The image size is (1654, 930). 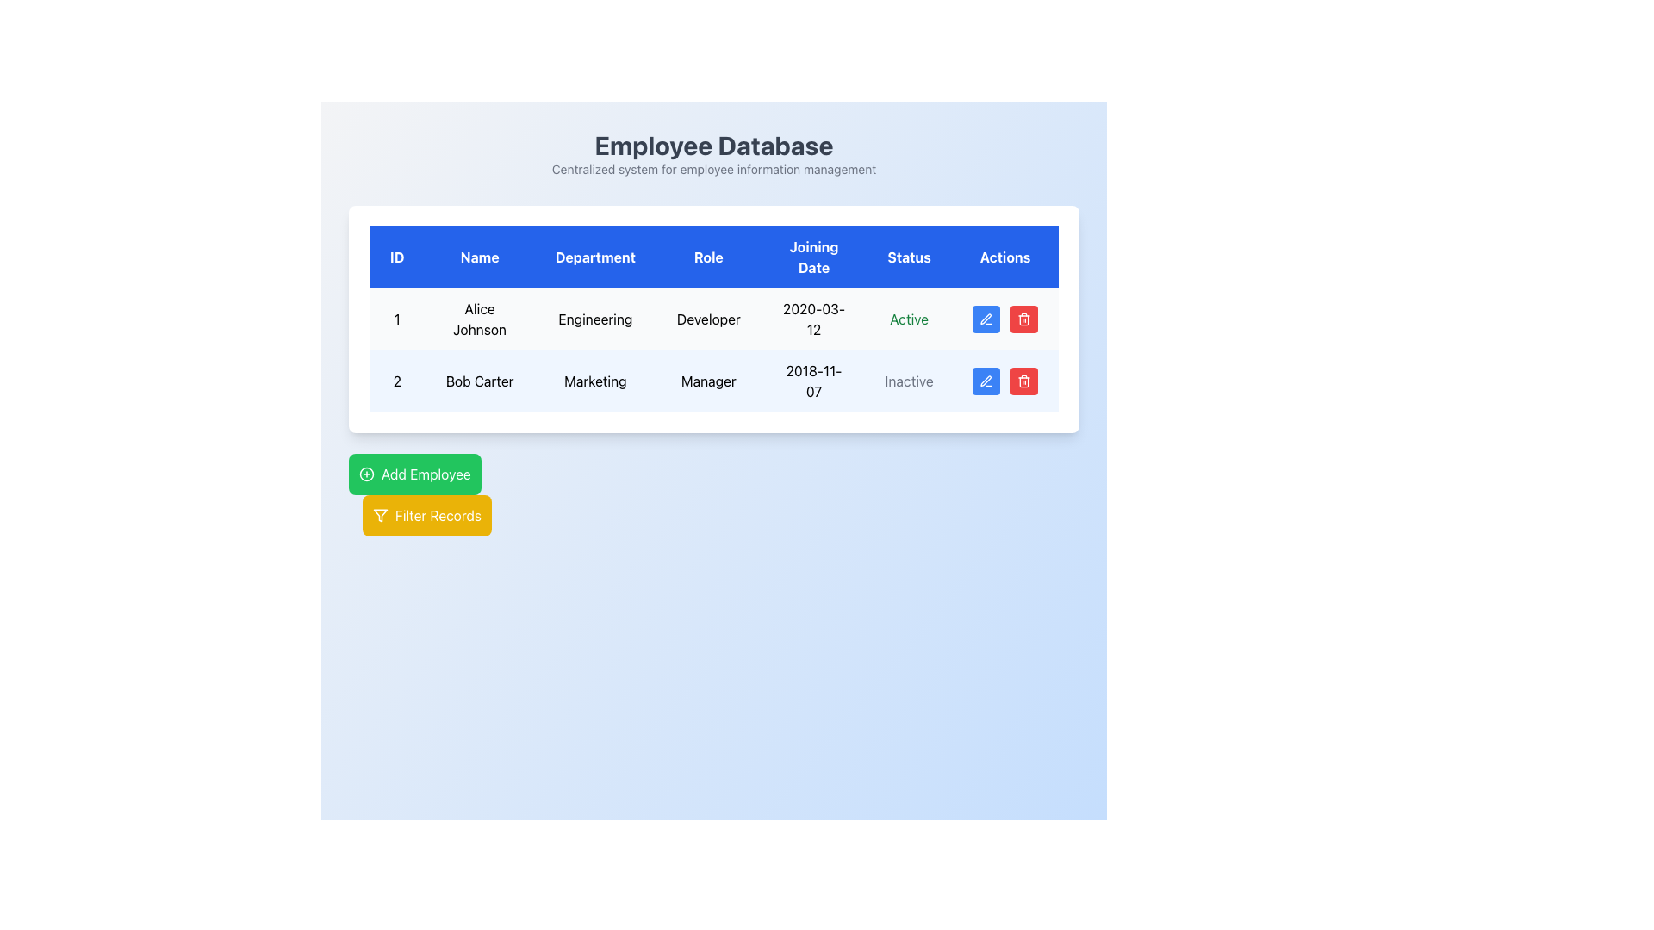 I want to click on the trash bin icon within the red deletion button in the 'Actions' column, so click(x=1024, y=319).